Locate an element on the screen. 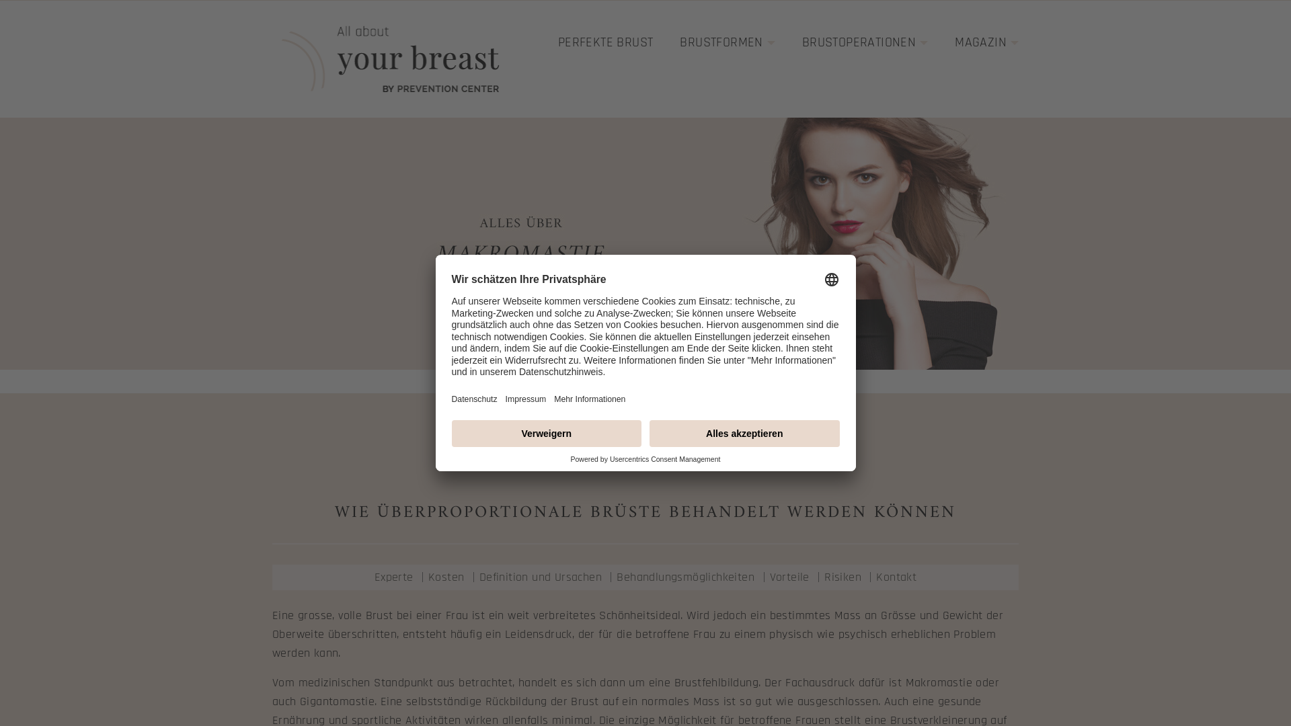  'Kosten' is located at coordinates (428, 576).